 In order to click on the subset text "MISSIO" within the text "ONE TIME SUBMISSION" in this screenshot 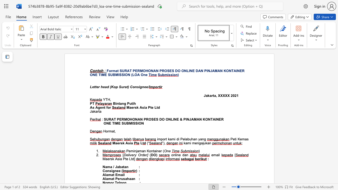, I will do `click(129, 123)`.